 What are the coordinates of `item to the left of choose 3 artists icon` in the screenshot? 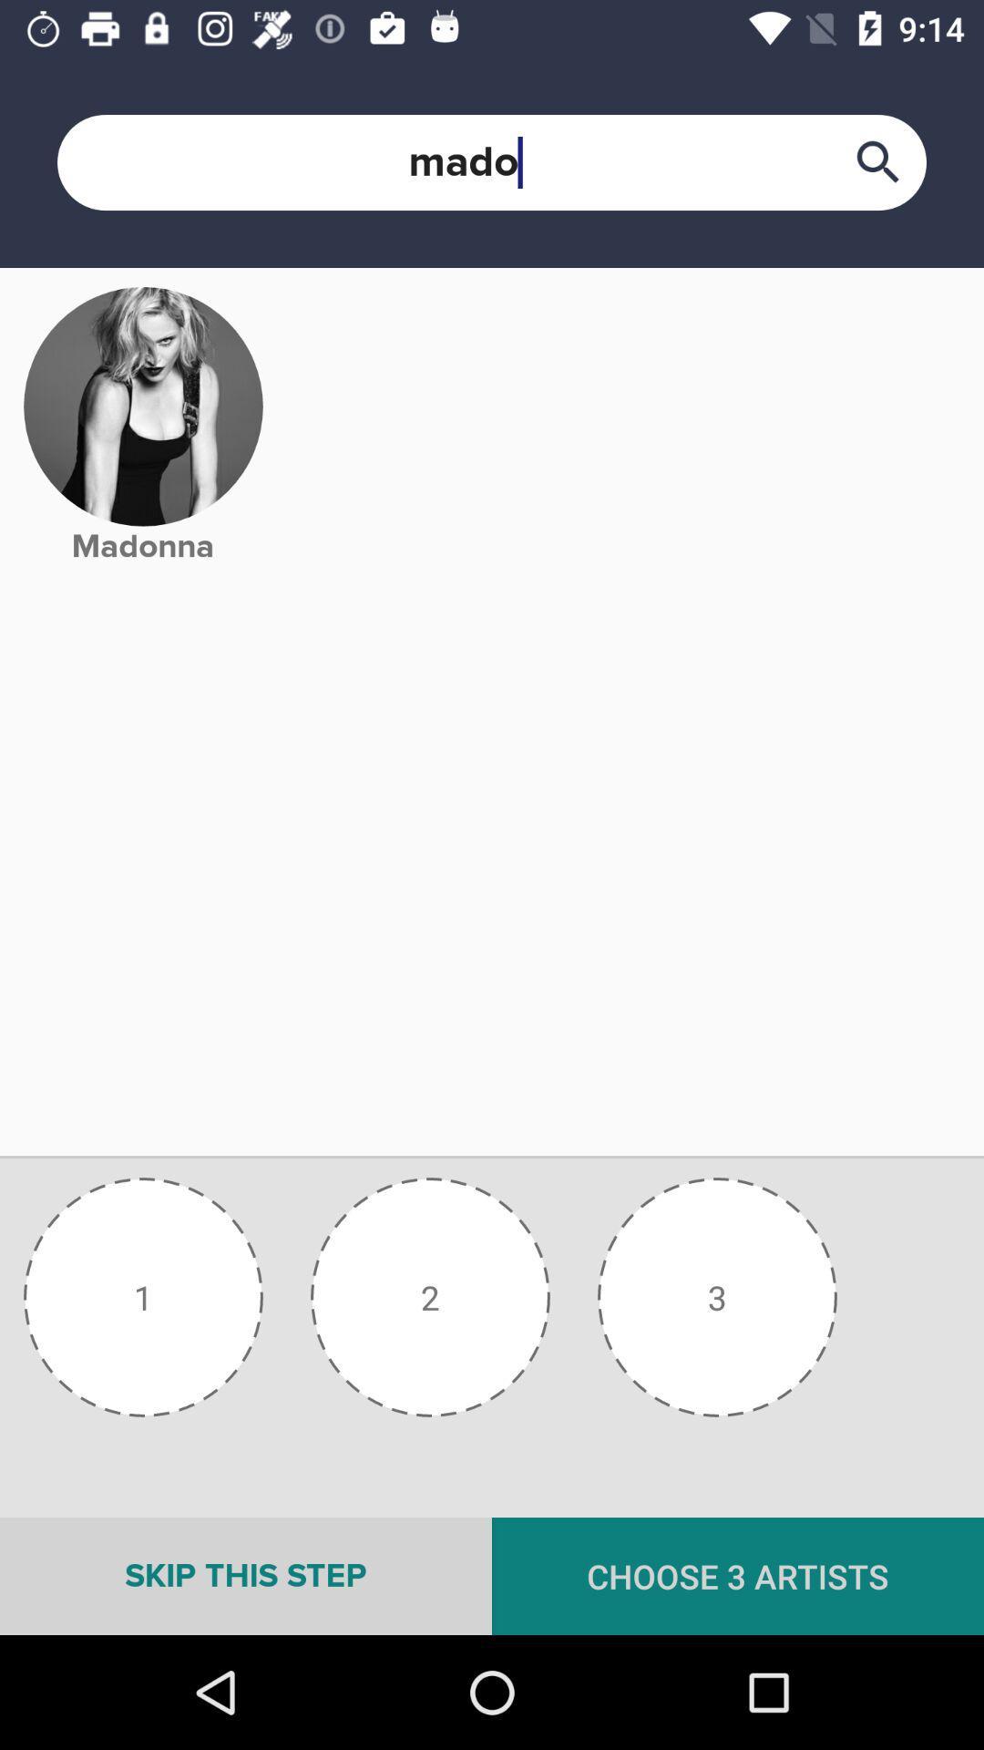 It's located at (246, 1575).